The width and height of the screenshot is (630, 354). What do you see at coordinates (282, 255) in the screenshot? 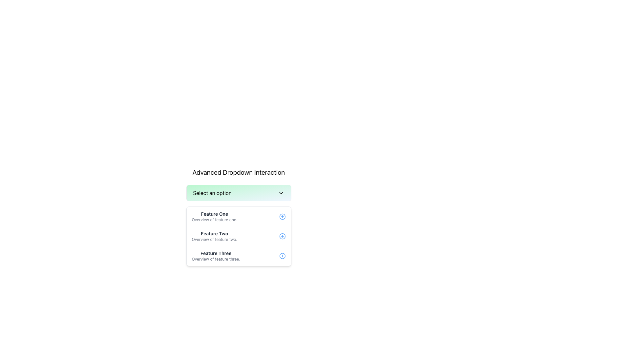
I see `the blue circular icon with a white plus sign, located at the far right side of the 'Feature Three' row, beside the text 'Overview of feature three.'` at bounding box center [282, 255].